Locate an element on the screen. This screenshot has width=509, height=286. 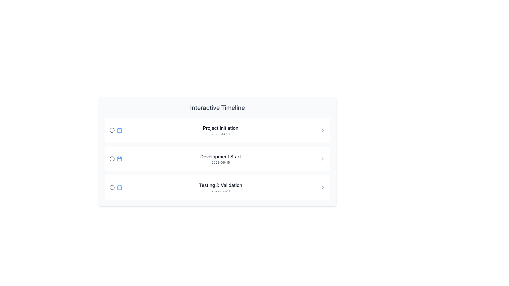
the first icon in the horizontally aligned group of icons to the left of the 'Interactive Timeline' text descriptor is located at coordinates (112, 130).